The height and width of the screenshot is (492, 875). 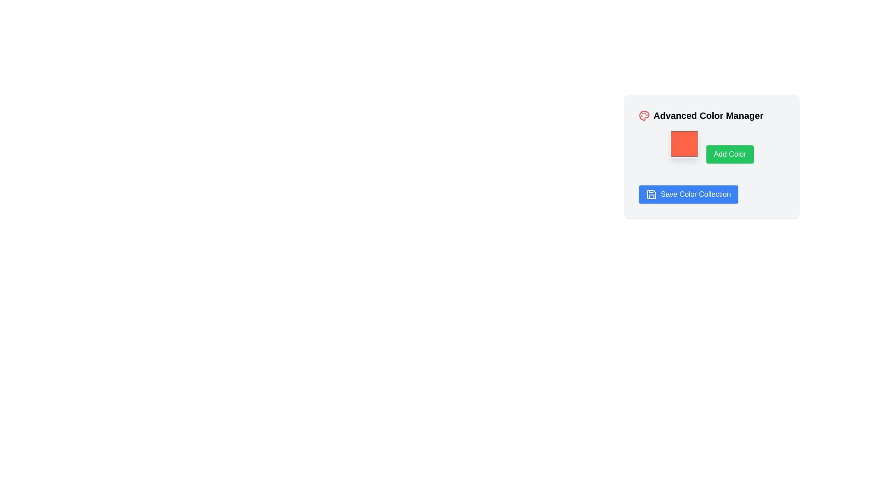 What do you see at coordinates (688, 194) in the screenshot?
I see `the 'Save Color Collection' button, which has a blue background and white text, located at the bottom of the 'Advanced Color Manager' interface` at bounding box center [688, 194].